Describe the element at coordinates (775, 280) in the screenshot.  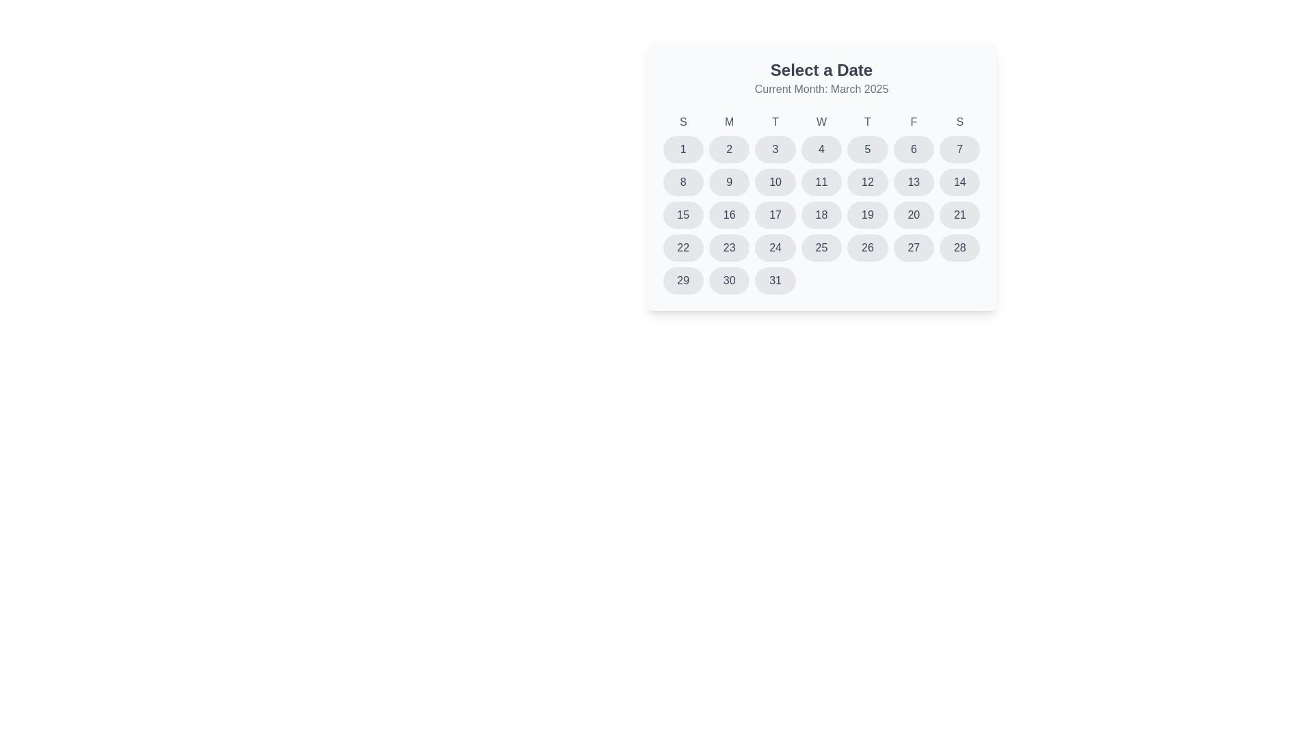
I see `the circular button labeled '31' in gray-blue text` at that location.